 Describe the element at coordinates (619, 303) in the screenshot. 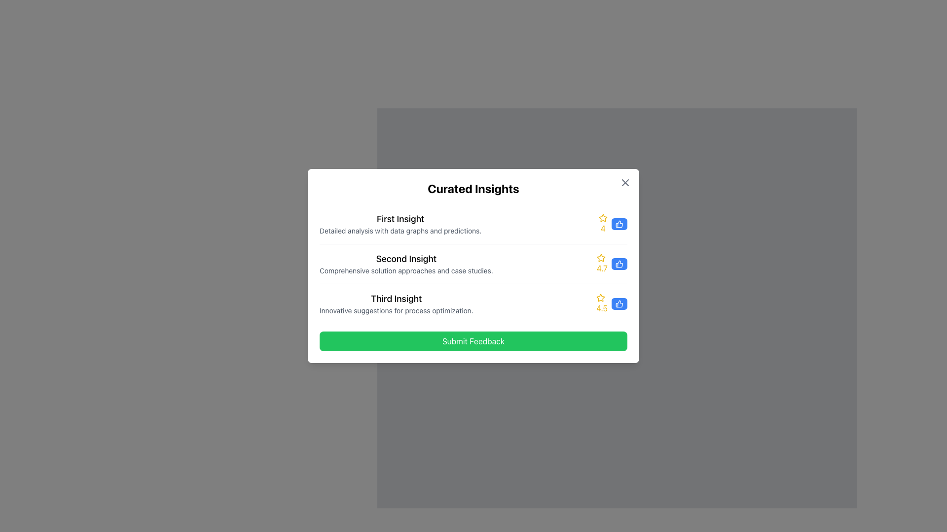

I see `the like icon located next to the rating text '4.7' in the second row of the displayed list to indicate approval` at that location.